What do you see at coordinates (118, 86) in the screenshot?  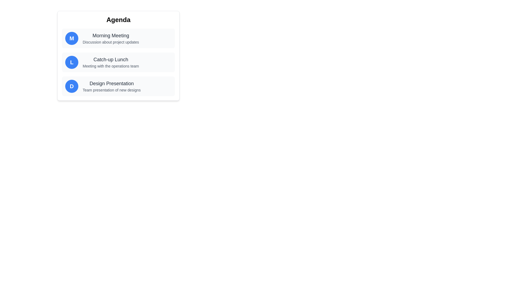 I see `the third list item under the 'Agenda' header, which provides information about the 'Design Presentation' and its description 'Team presentation of new designs.'` at bounding box center [118, 86].